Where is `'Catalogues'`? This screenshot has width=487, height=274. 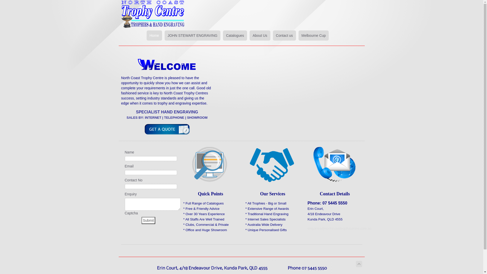
'Catalogues' is located at coordinates (235, 35).